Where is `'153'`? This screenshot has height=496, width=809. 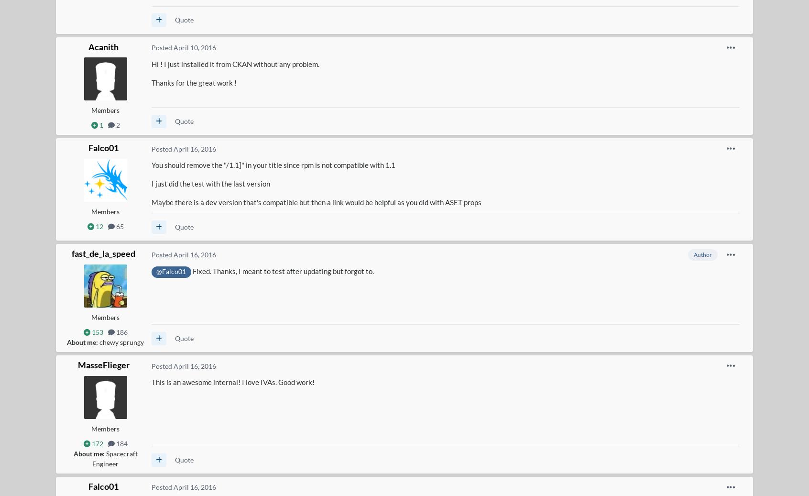 '153' is located at coordinates (89, 332).